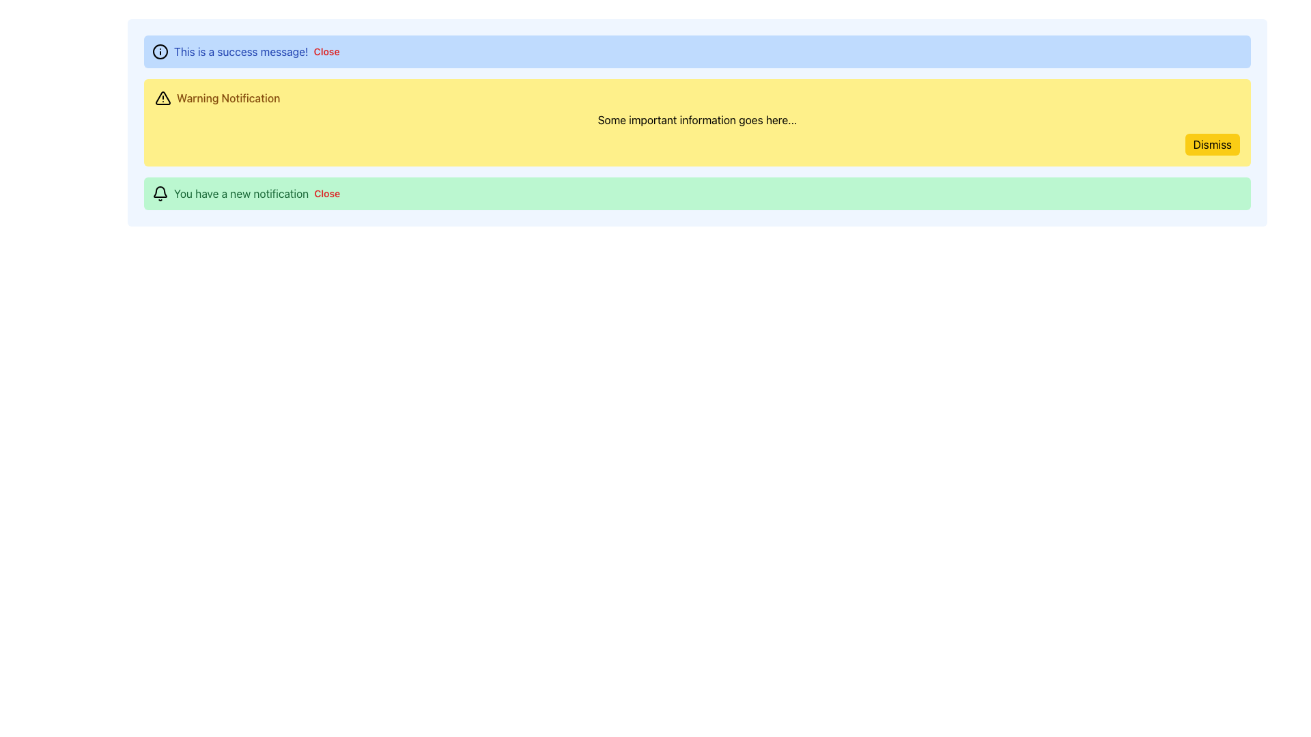 The height and width of the screenshot is (737, 1311). What do you see at coordinates (160, 194) in the screenshot?
I see `the minimalistic outline bell icon located on the left side of the notification banner with a light green background, which is positioned before the text 'You have a new notification'` at bounding box center [160, 194].